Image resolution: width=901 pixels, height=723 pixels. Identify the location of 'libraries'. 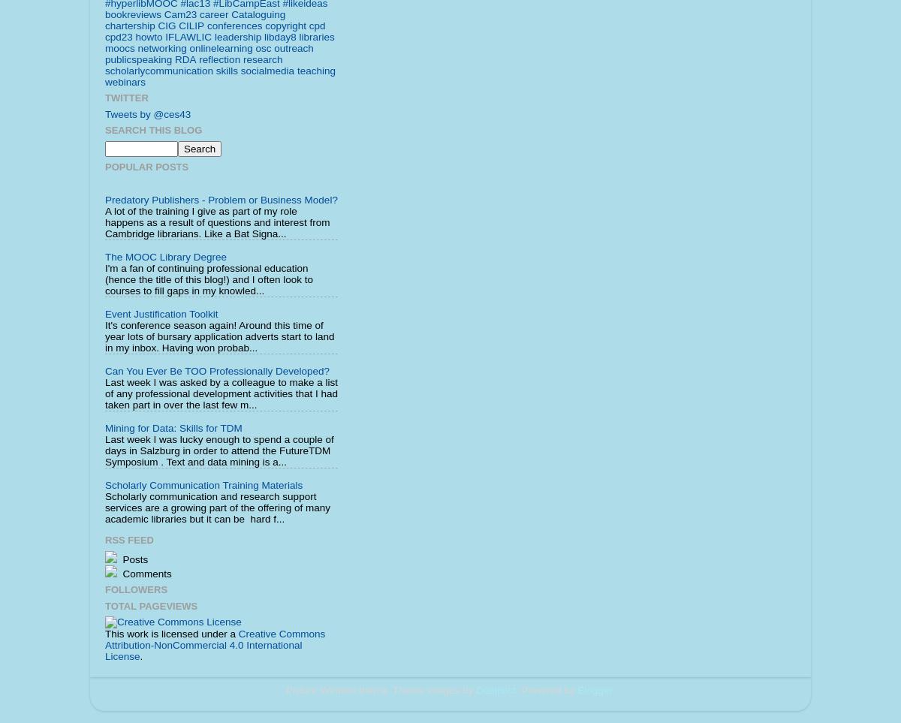
(299, 36).